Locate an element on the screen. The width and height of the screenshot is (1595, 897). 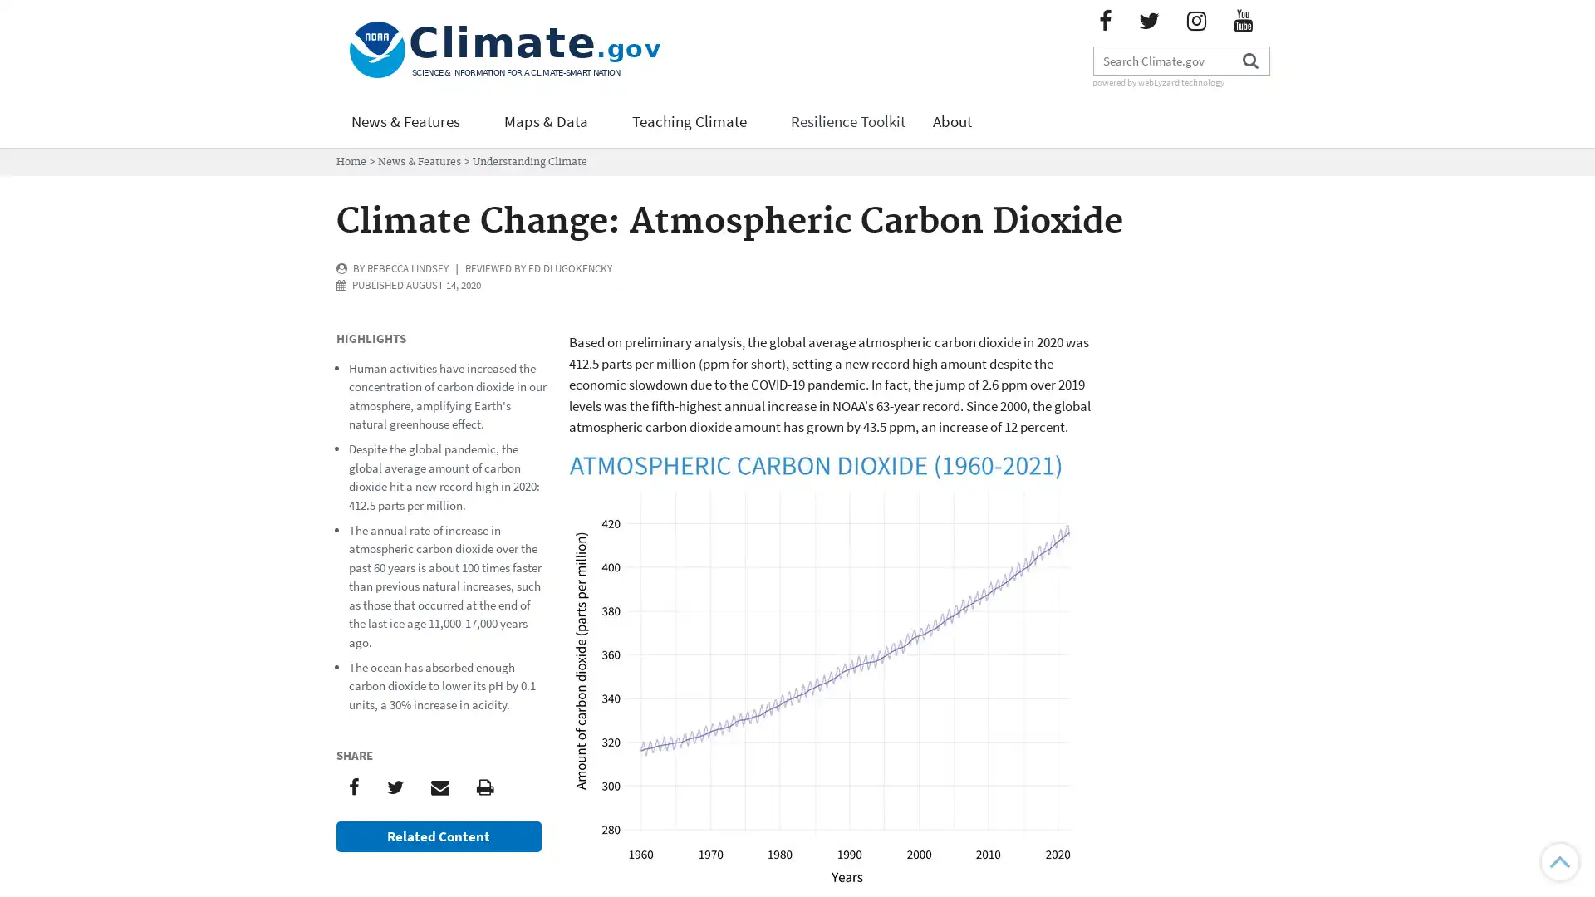
Teaching Climate is located at coordinates (698, 121).